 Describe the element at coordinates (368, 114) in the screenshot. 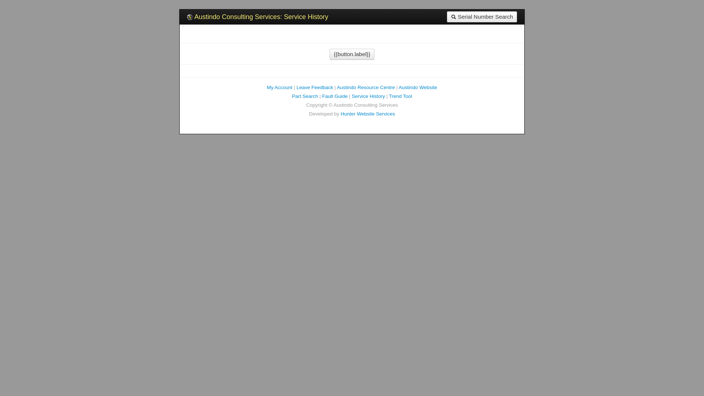

I see `'Hunter Website Services'` at that location.